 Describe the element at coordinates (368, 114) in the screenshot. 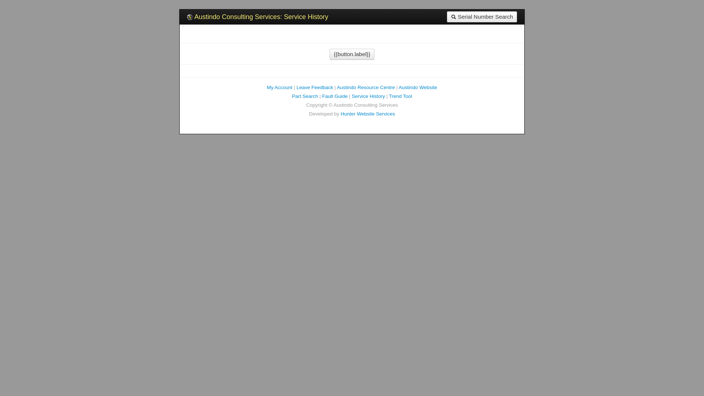

I see `'Hunter Website Services'` at that location.